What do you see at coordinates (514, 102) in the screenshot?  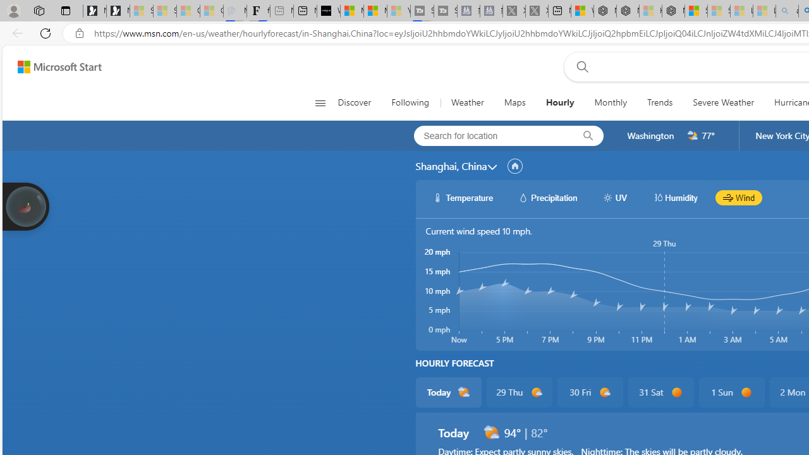 I see `'Maps'` at bounding box center [514, 102].